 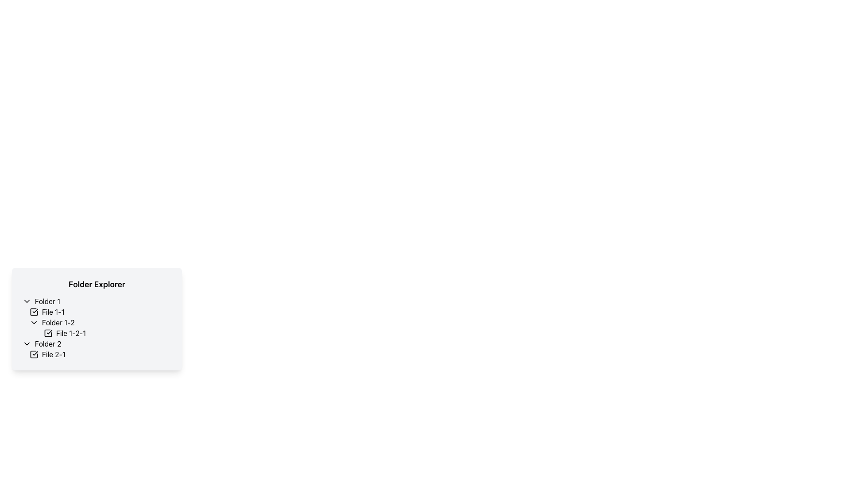 What do you see at coordinates (100, 328) in the screenshot?
I see `the list item entry labeled 'Folder 1-2File 1-2-1'` at bounding box center [100, 328].